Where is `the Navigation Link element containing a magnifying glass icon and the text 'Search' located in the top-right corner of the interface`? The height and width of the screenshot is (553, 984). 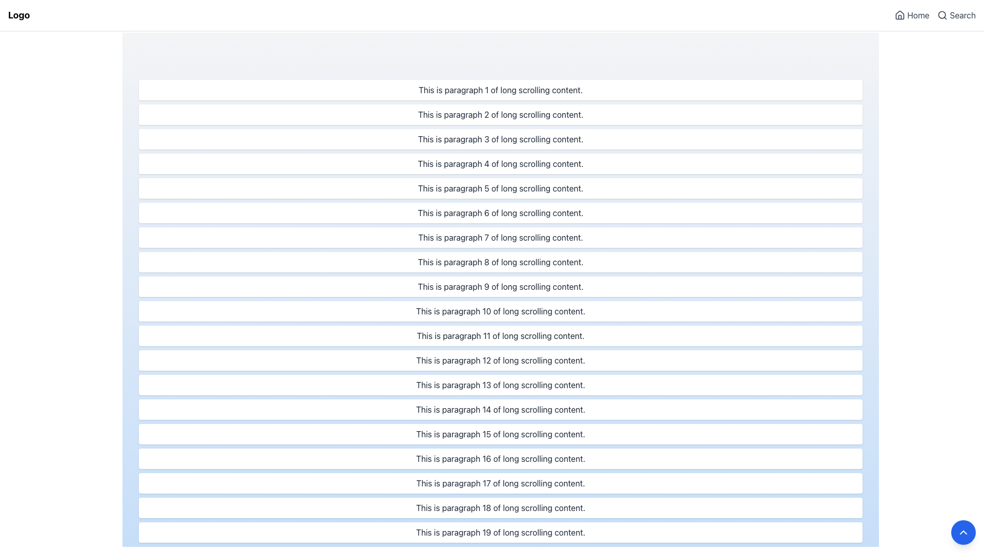 the Navigation Link element containing a magnifying glass icon and the text 'Search' located in the top-right corner of the interface is located at coordinates (956, 15).